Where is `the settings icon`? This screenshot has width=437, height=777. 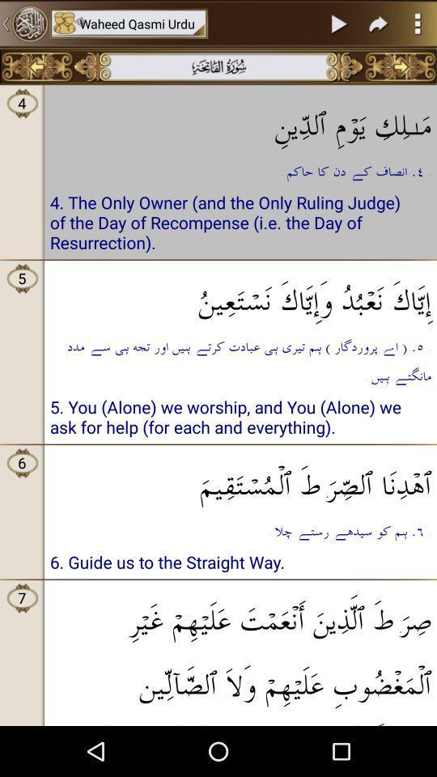
the settings icon is located at coordinates (23, 24).